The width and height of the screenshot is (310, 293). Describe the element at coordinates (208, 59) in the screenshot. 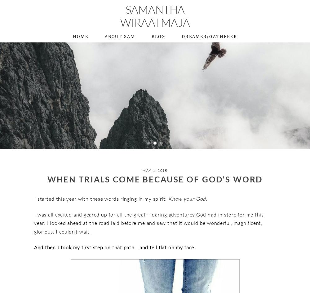

I see `'+ Dream Room'` at that location.